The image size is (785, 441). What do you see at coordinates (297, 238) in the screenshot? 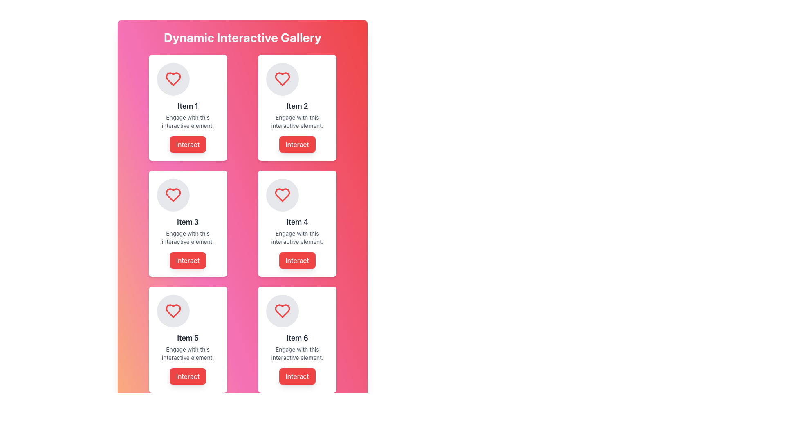
I see `the static text element providing information for the fourth card, which is located below the title 'Item 4' and above the 'Interact' button in the middle column of the grid` at bounding box center [297, 238].